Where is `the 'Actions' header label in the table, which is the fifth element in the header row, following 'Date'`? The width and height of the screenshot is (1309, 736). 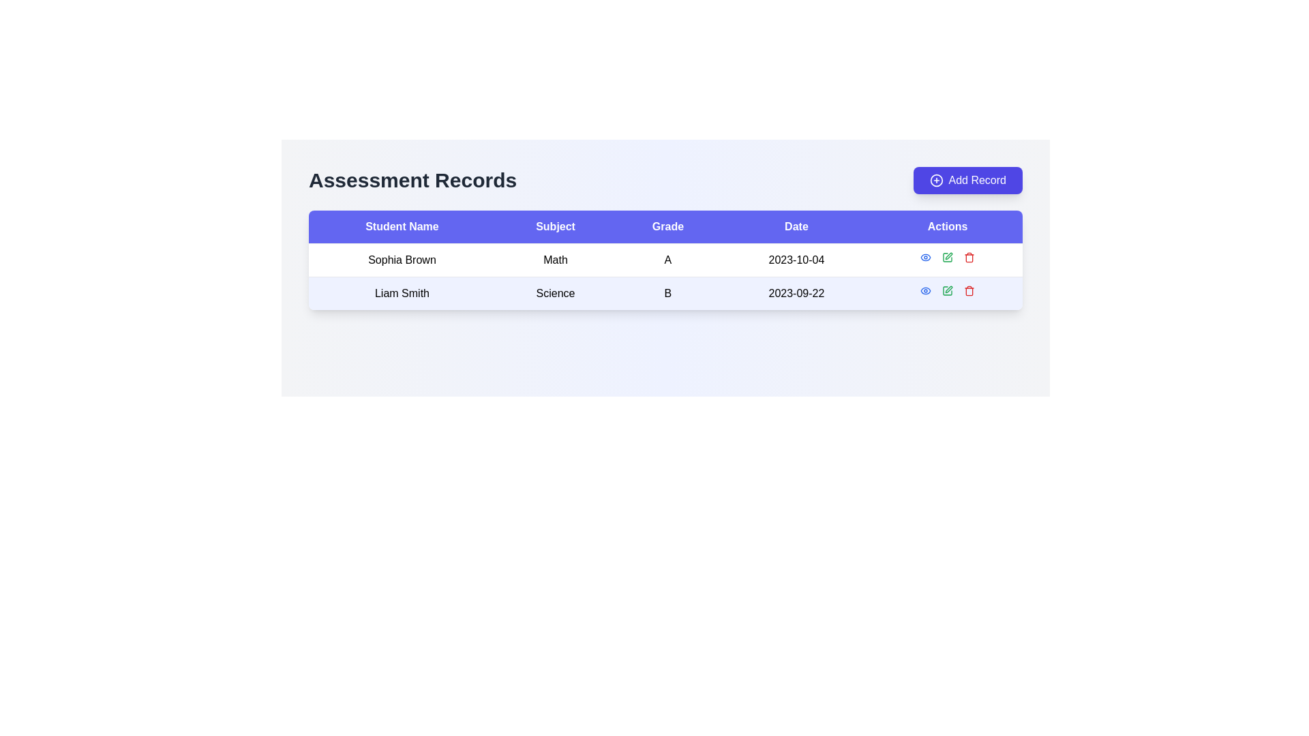
the 'Actions' header label in the table, which is the fifth element in the header row, following 'Date' is located at coordinates (947, 226).